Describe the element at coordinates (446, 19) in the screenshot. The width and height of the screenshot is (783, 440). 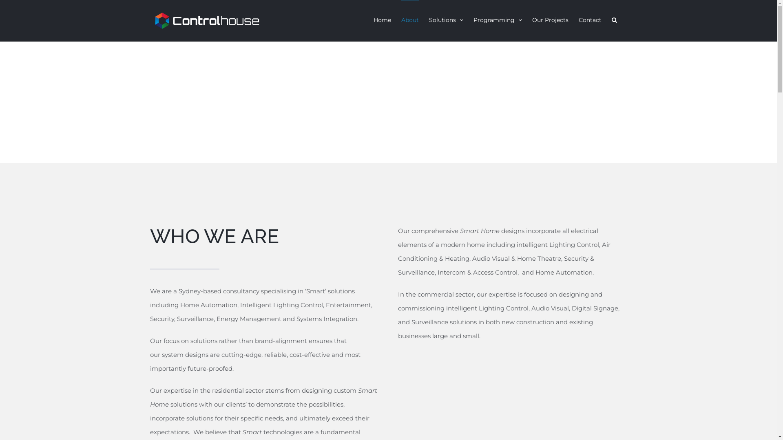
I see `'Solutions'` at that location.